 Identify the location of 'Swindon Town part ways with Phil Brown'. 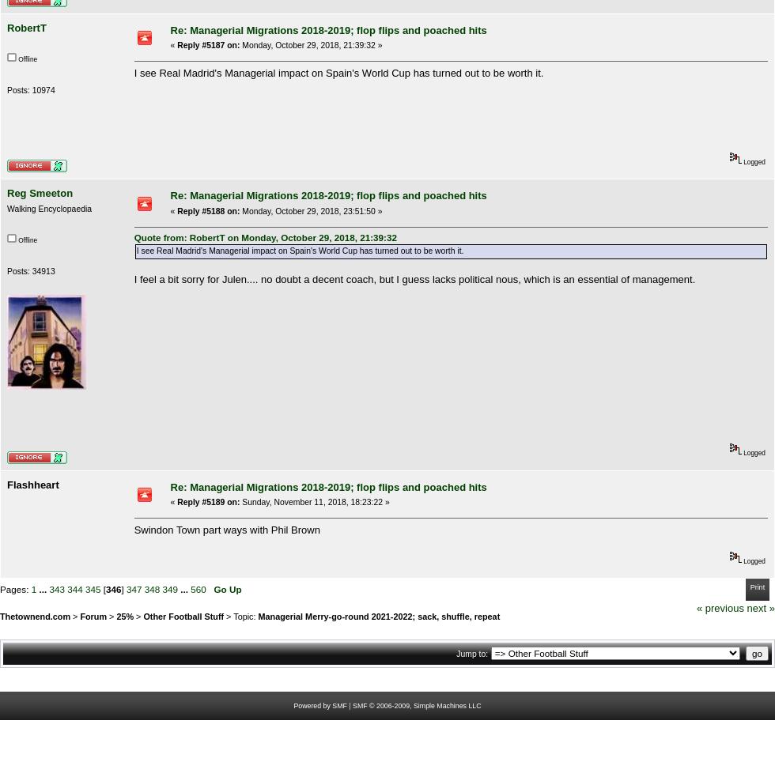
(226, 528).